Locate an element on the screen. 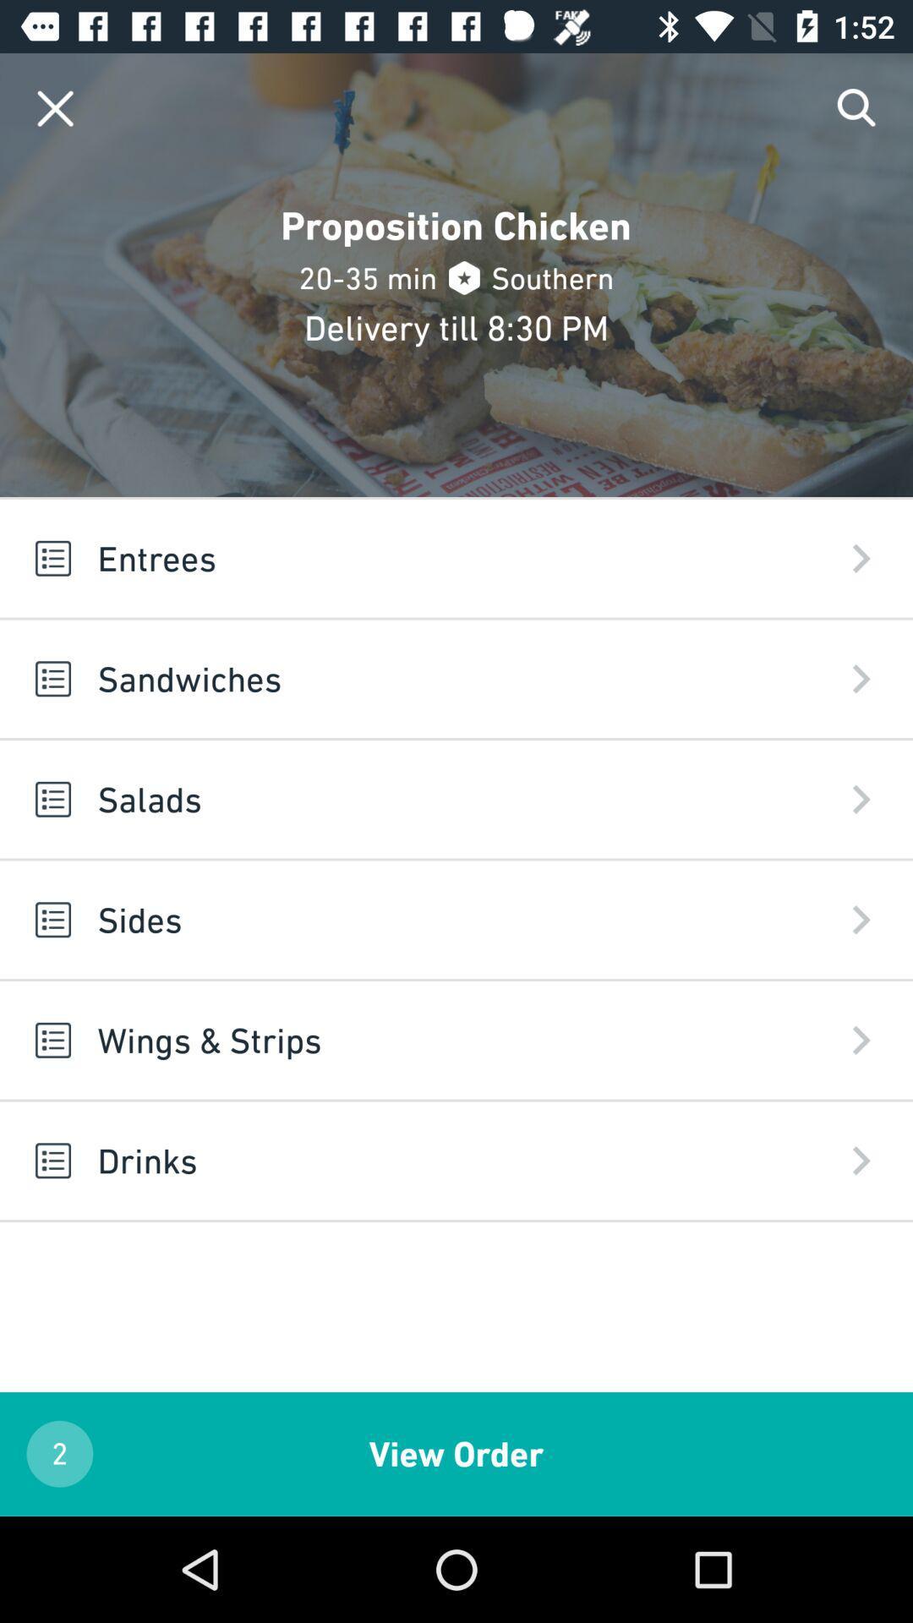 This screenshot has height=1623, width=913. the icon above entrees is located at coordinates (857, 107).